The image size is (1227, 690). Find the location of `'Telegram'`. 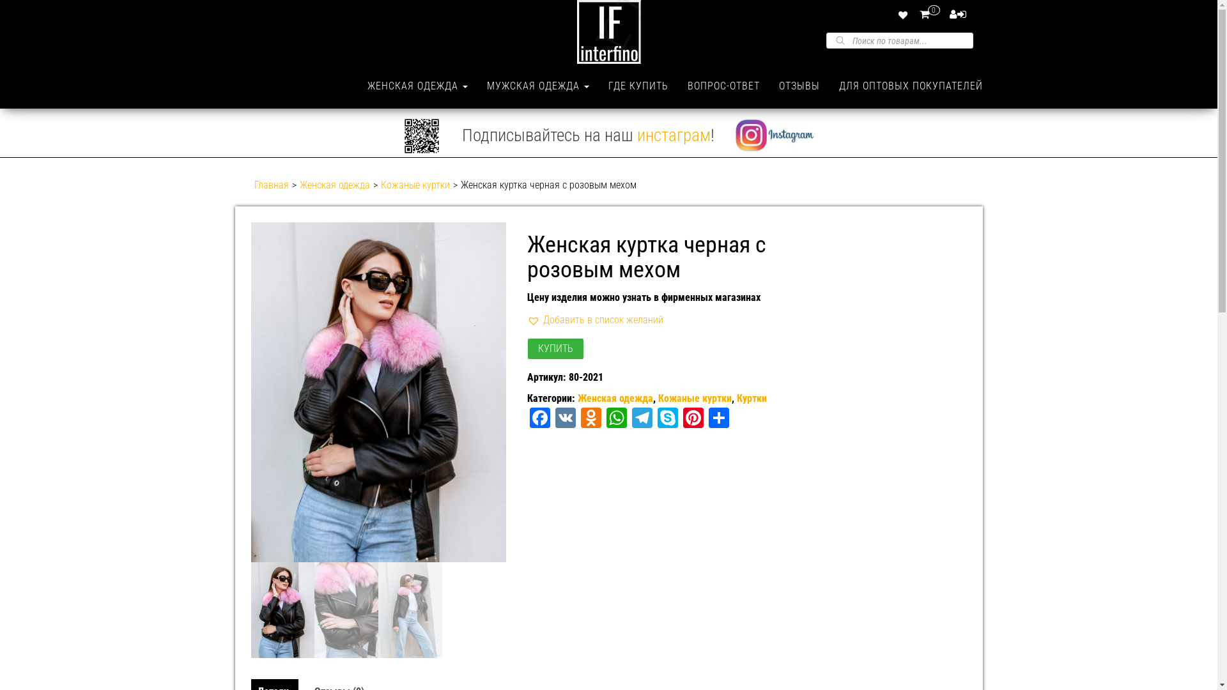

'Telegram' is located at coordinates (642, 419).